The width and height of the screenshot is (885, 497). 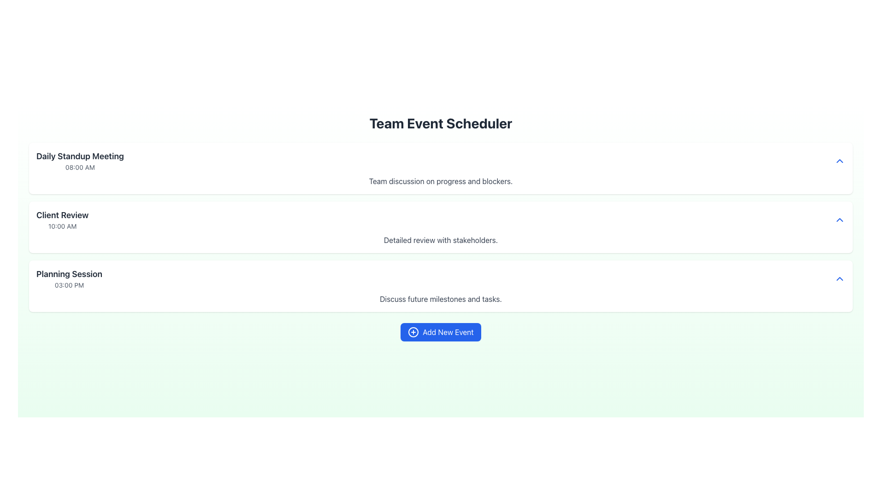 I want to click on text displayed in the smaller gray font labeled '10:00 AM', which is located underneath the 'Client Review' header within the scheduled event card, so click(x=62, y=226).